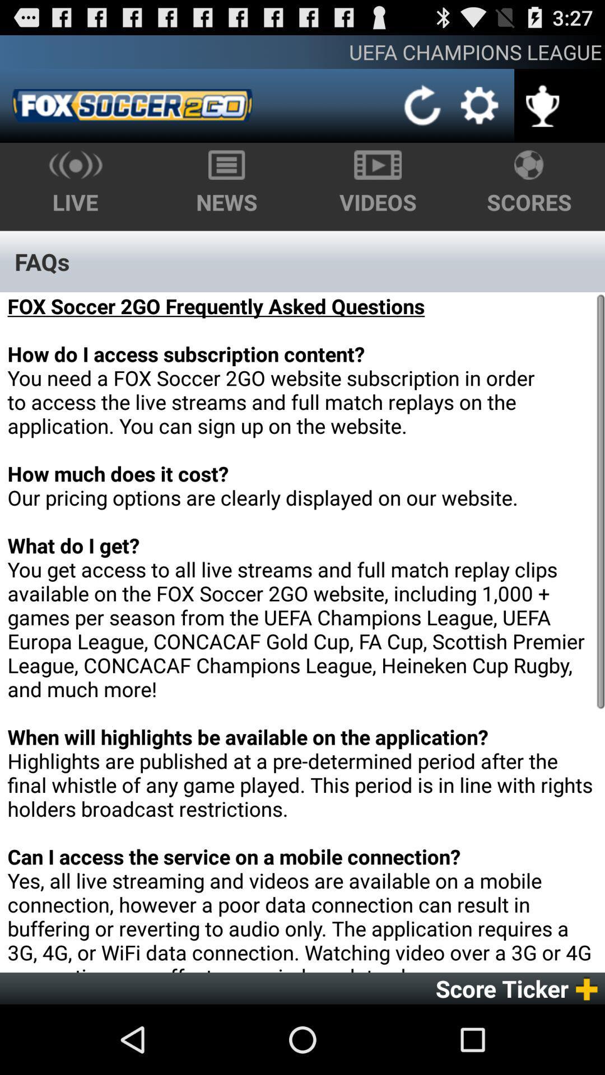 The image size is (605, 1075). What do you see at coordinates (423, 105) in the screenshot?
I see `the item below uefa champions league icon` at bounding box center [423, 105].